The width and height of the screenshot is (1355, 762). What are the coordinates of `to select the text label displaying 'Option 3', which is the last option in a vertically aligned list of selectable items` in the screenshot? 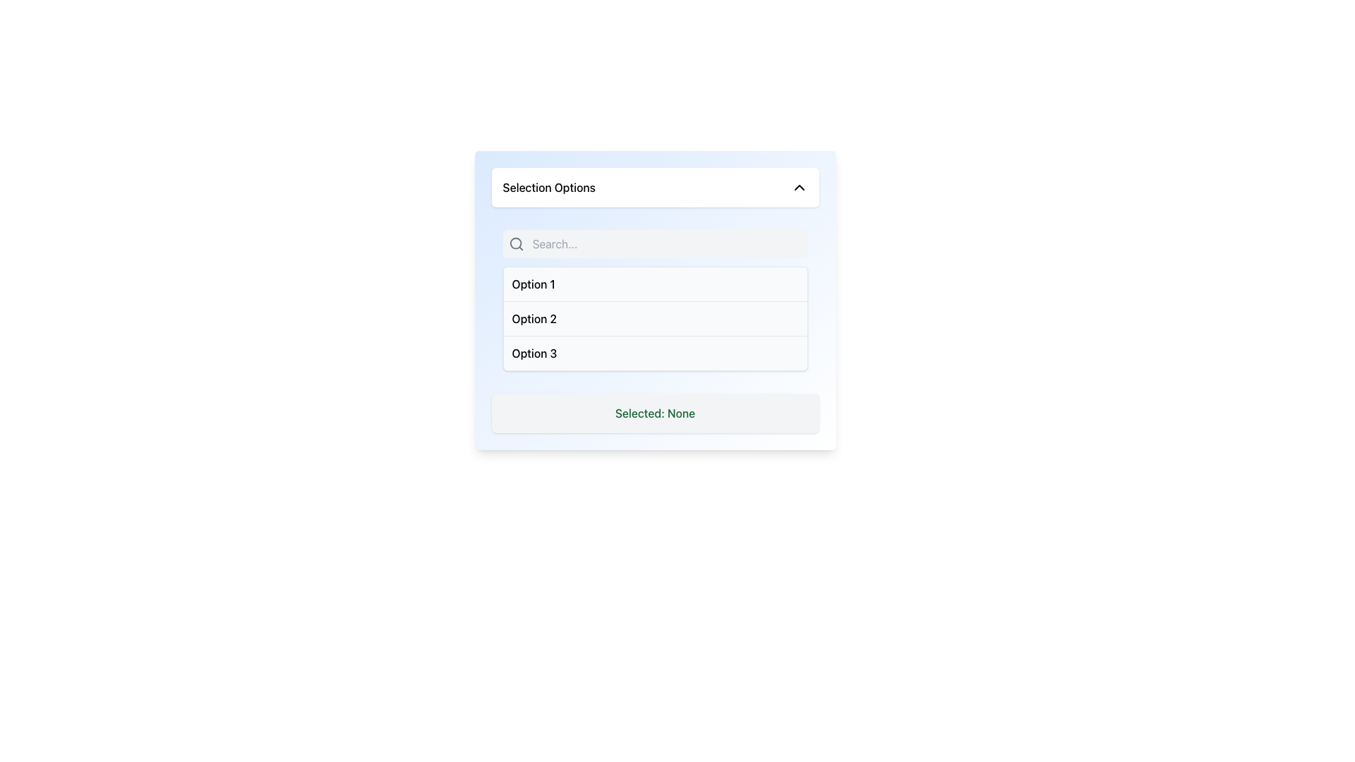 It's located at (534, 353).